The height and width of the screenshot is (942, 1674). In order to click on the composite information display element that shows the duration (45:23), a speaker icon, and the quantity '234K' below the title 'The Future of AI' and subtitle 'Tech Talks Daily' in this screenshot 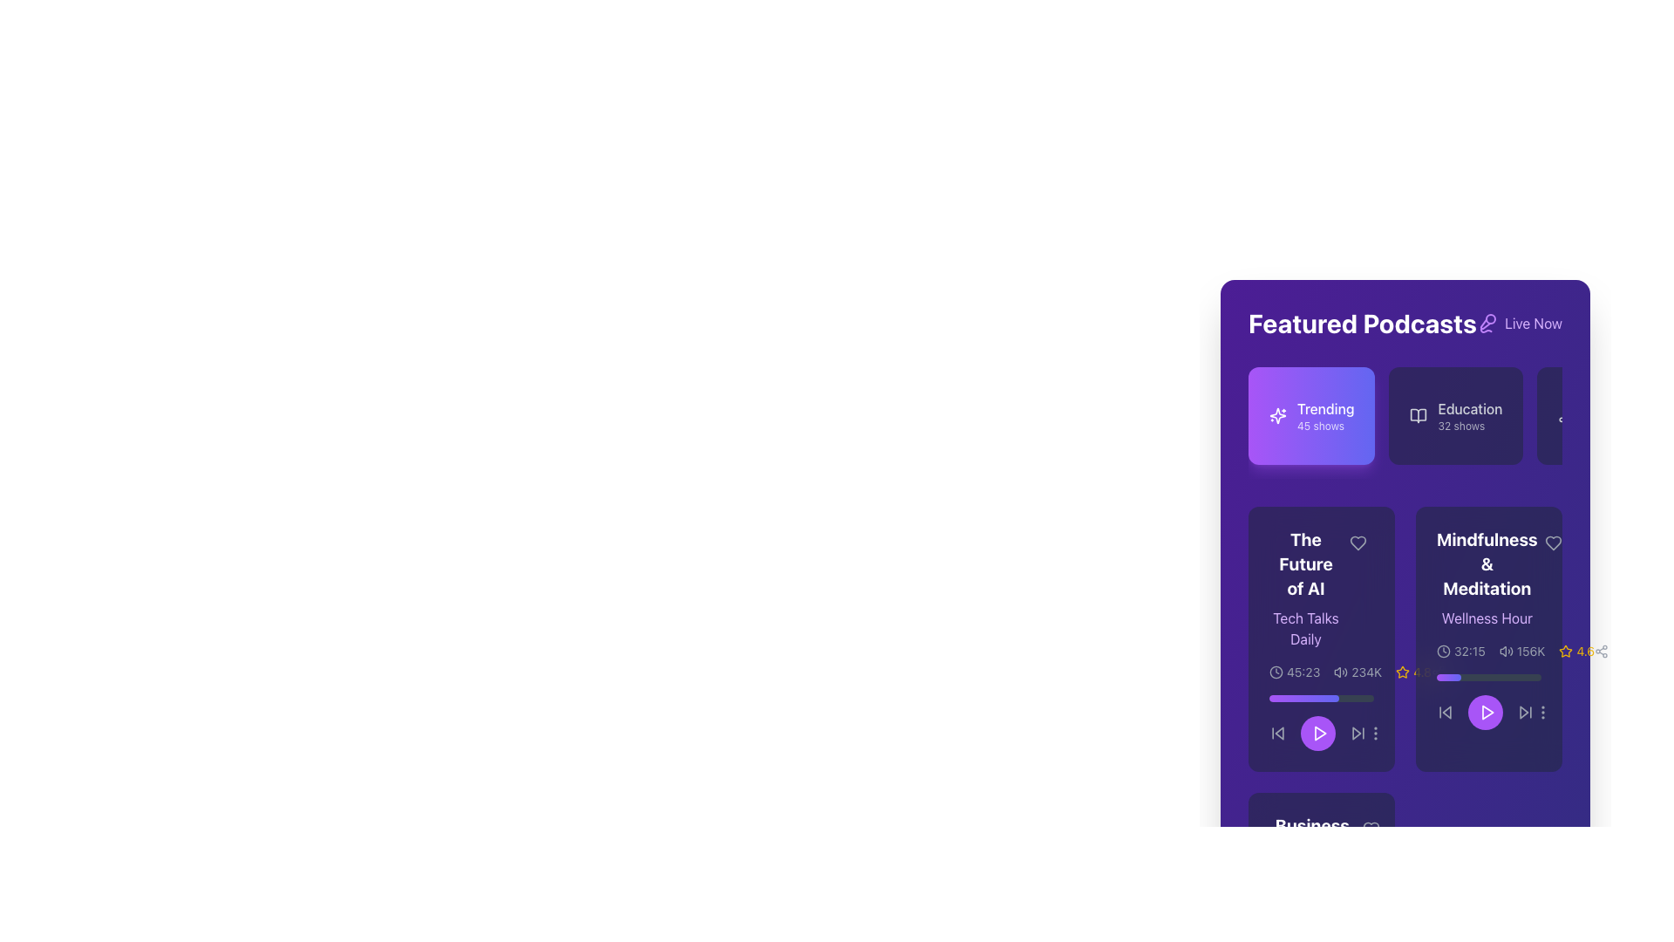, I will do `click(1322, 672)`.